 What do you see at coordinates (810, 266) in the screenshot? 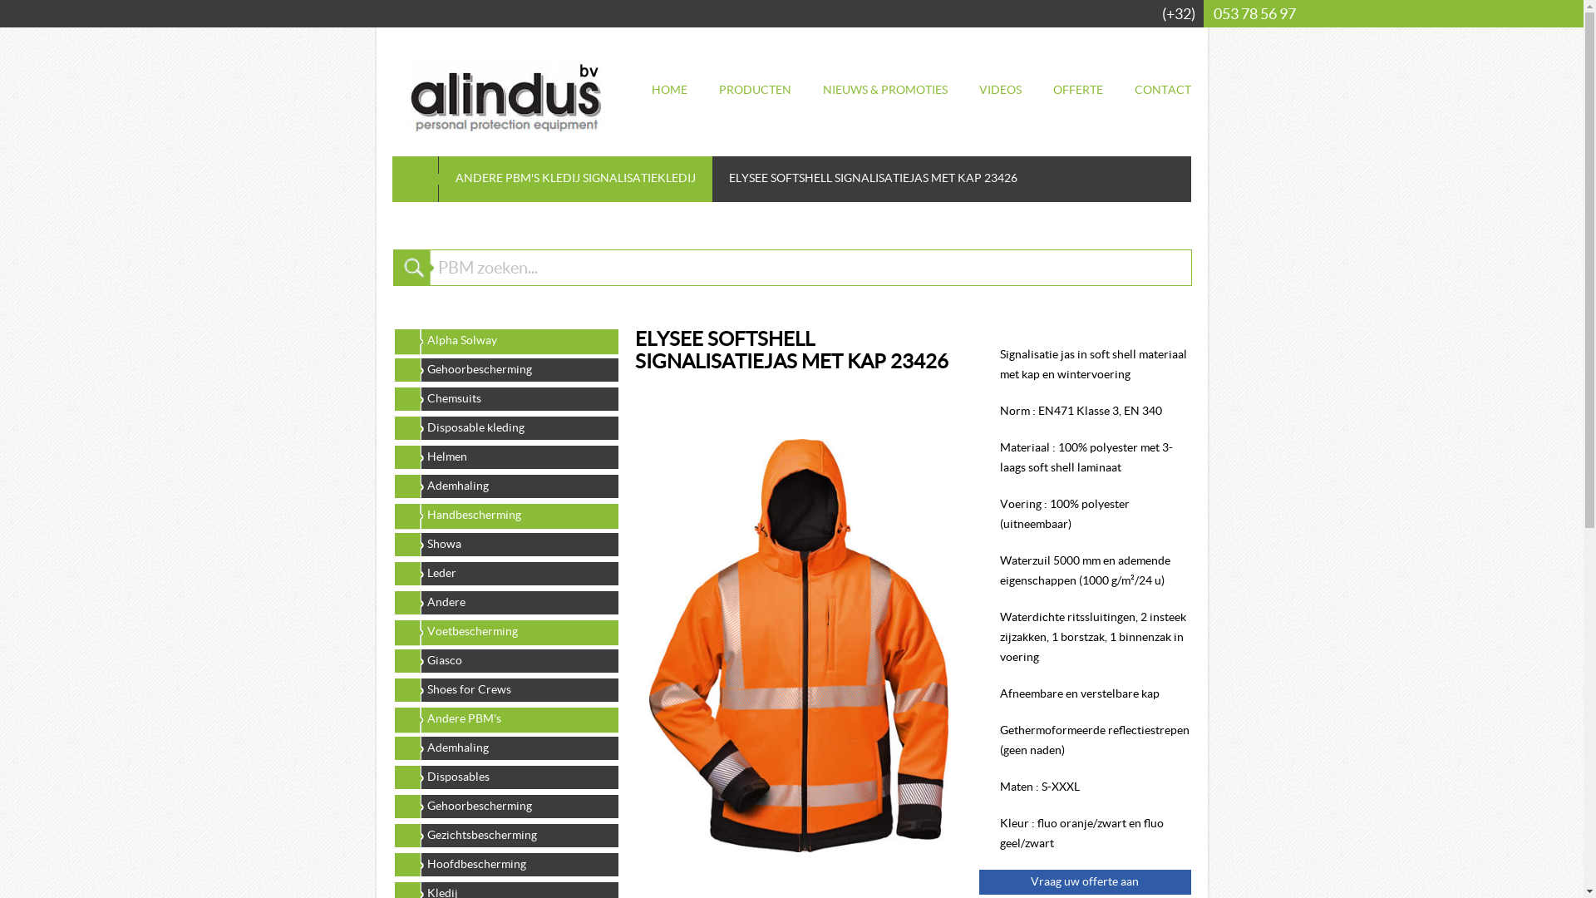
I see `'PBM zoeken...'` at bounding box center [810, 266].